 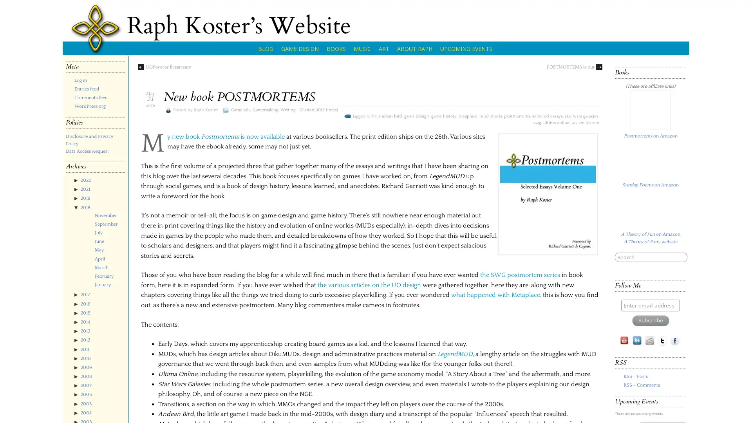 I want to click on Cookie Settings, so click(x=687, y=409).